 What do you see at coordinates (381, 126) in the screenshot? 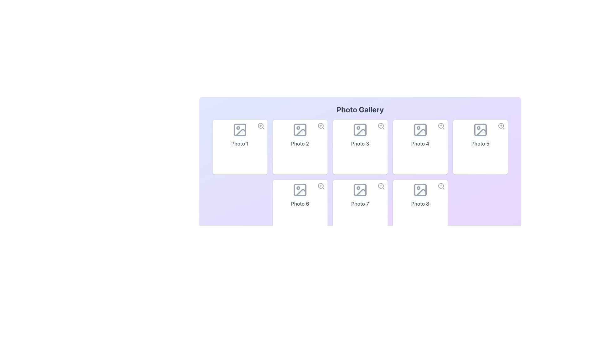
I see `the zoom-in icon located at the top-right corner of the card labeled 'Photo 3'` at bounding box center [381, 126].